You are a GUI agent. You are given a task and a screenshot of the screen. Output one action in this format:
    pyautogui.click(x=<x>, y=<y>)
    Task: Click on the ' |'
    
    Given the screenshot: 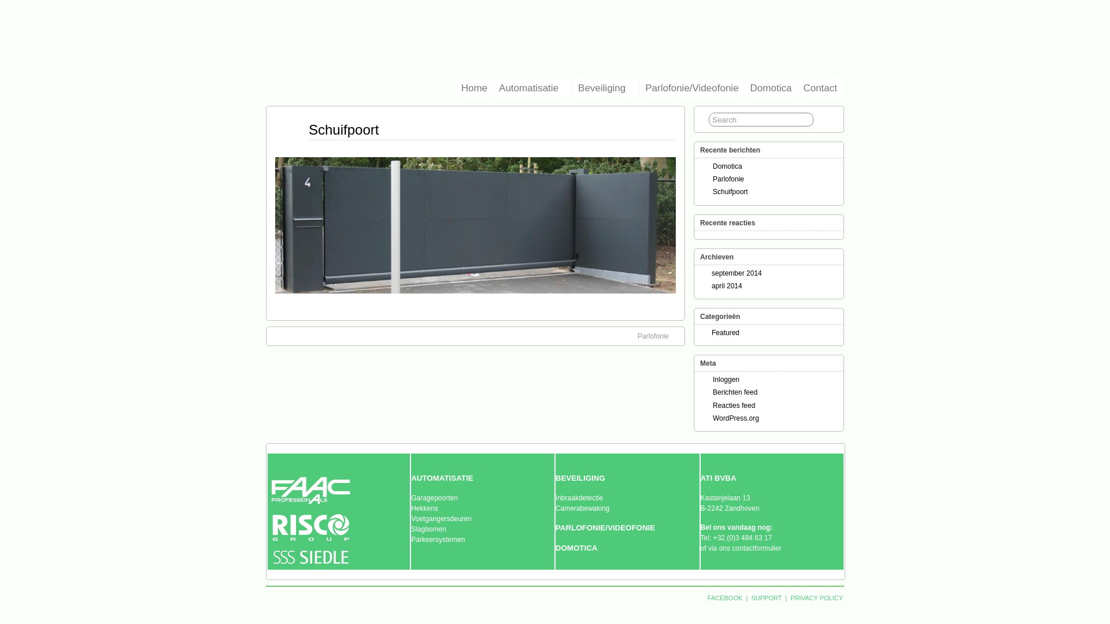 What is the action you would take?
    pyautogui.click(x=746, y=597)
    